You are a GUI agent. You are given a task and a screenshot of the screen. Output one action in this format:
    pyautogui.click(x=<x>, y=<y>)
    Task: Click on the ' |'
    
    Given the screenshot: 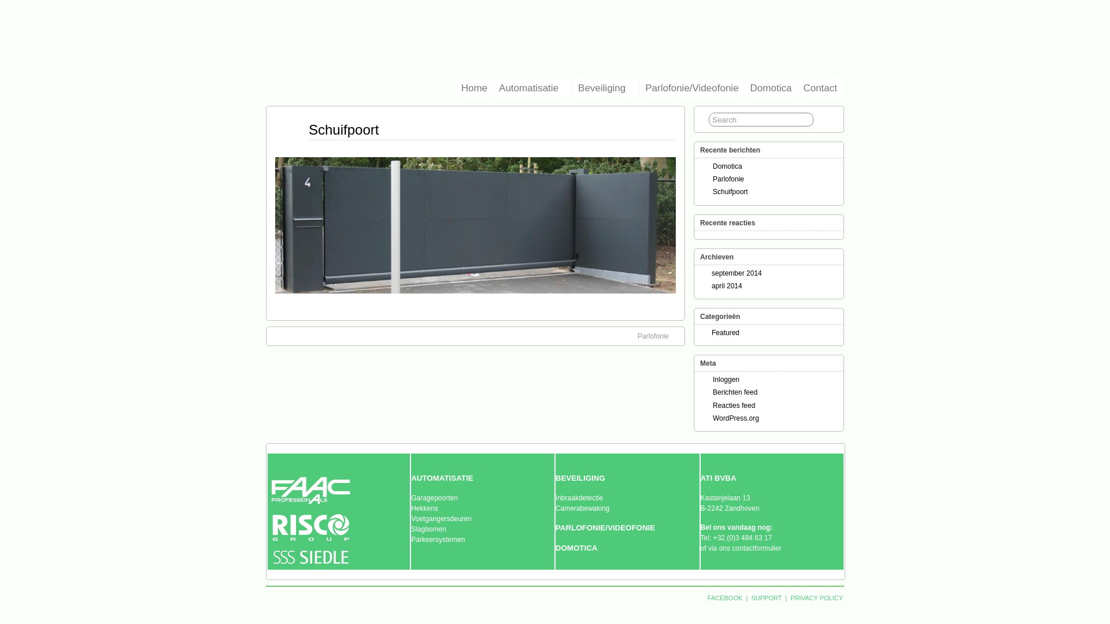 What is the action you would take?
    pyautogui.click(x=746, y=597)
    